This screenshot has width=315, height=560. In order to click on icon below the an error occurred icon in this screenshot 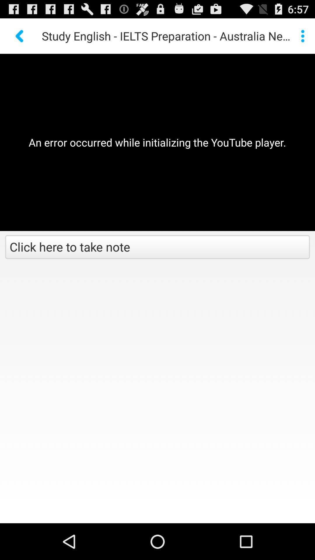, I will do `click(157, 248)`.